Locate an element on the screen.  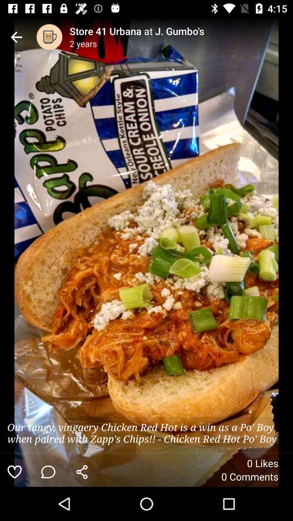
the item at the center is located at coordinates (146, 252).